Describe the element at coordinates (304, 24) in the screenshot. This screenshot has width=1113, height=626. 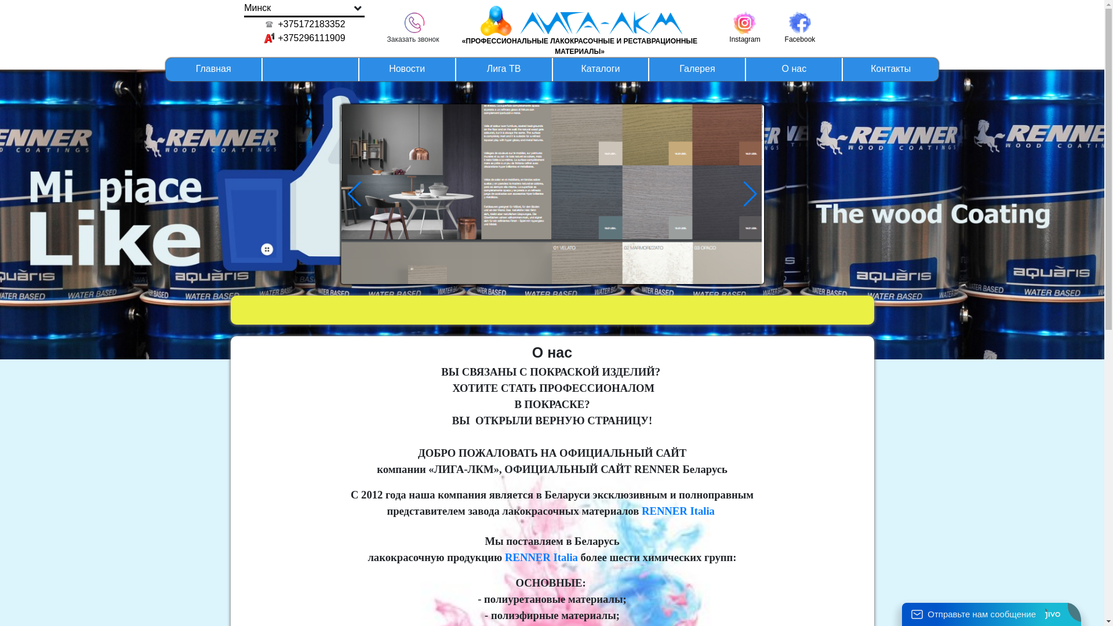
I see `'+375172183352'` at that location.